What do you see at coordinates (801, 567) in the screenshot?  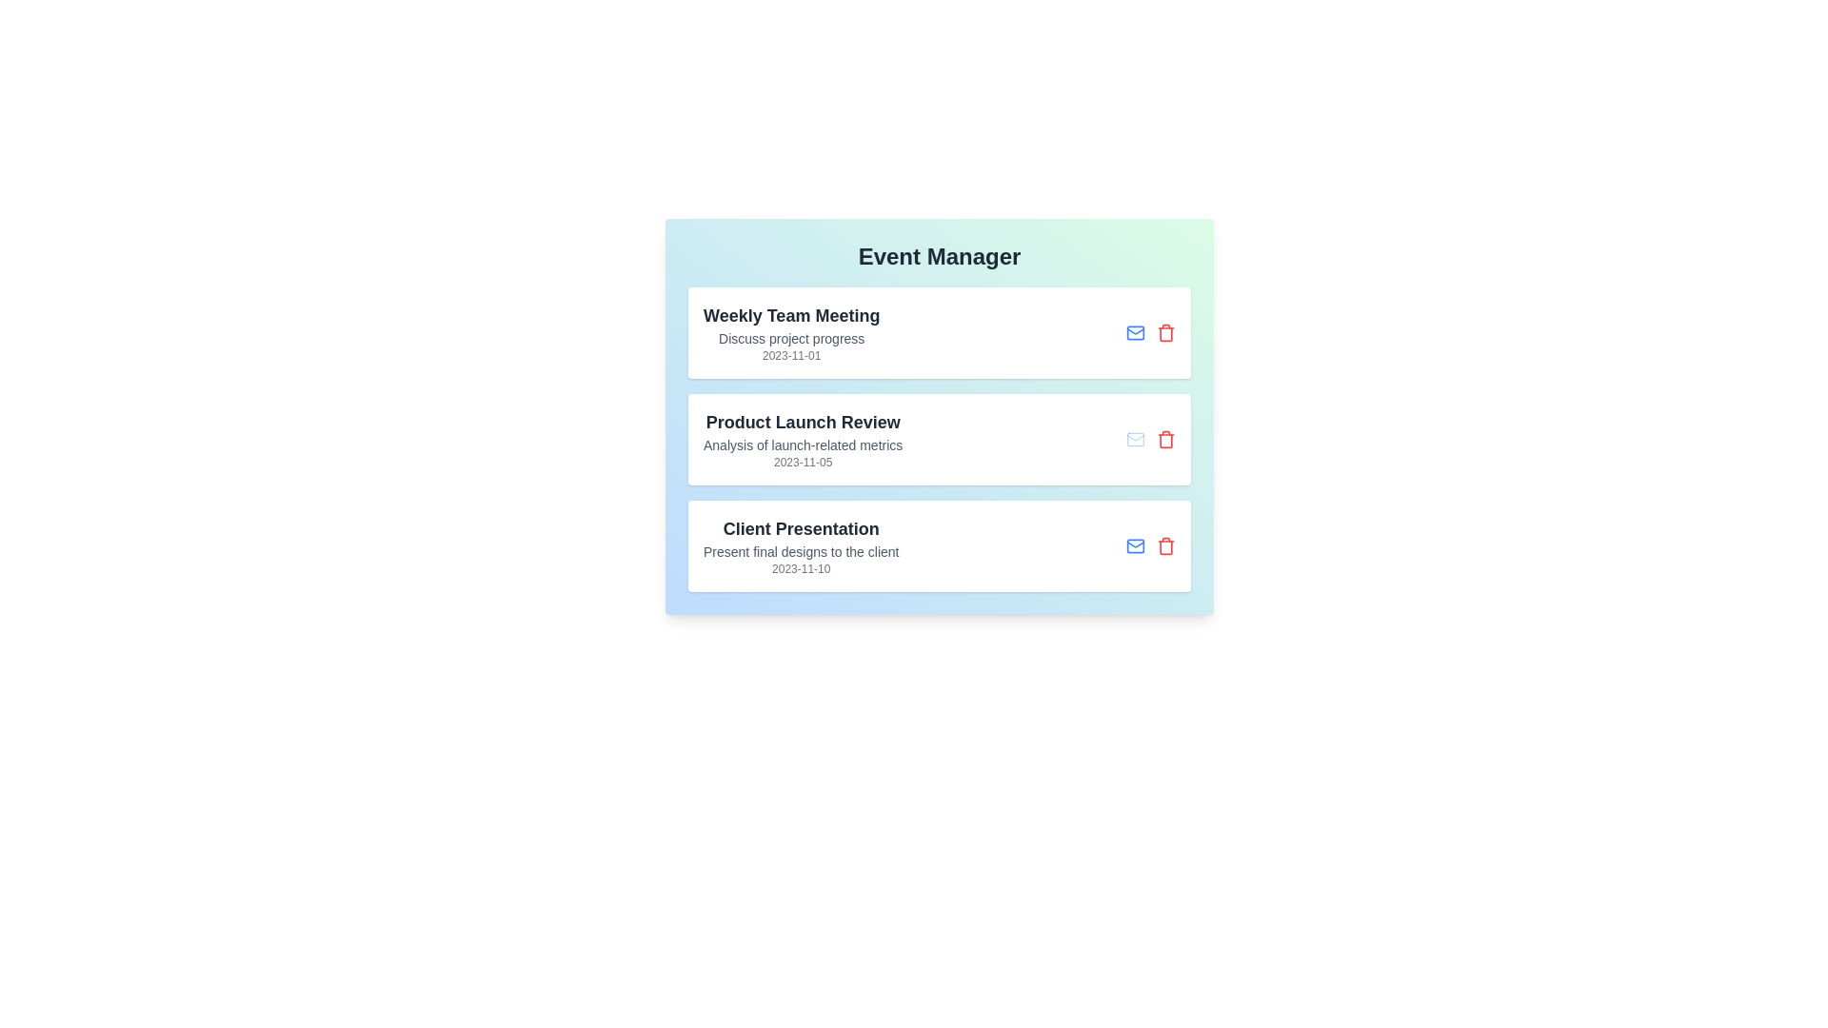 I see `the event date for Client Presentation` at bounding box center [801, 567].